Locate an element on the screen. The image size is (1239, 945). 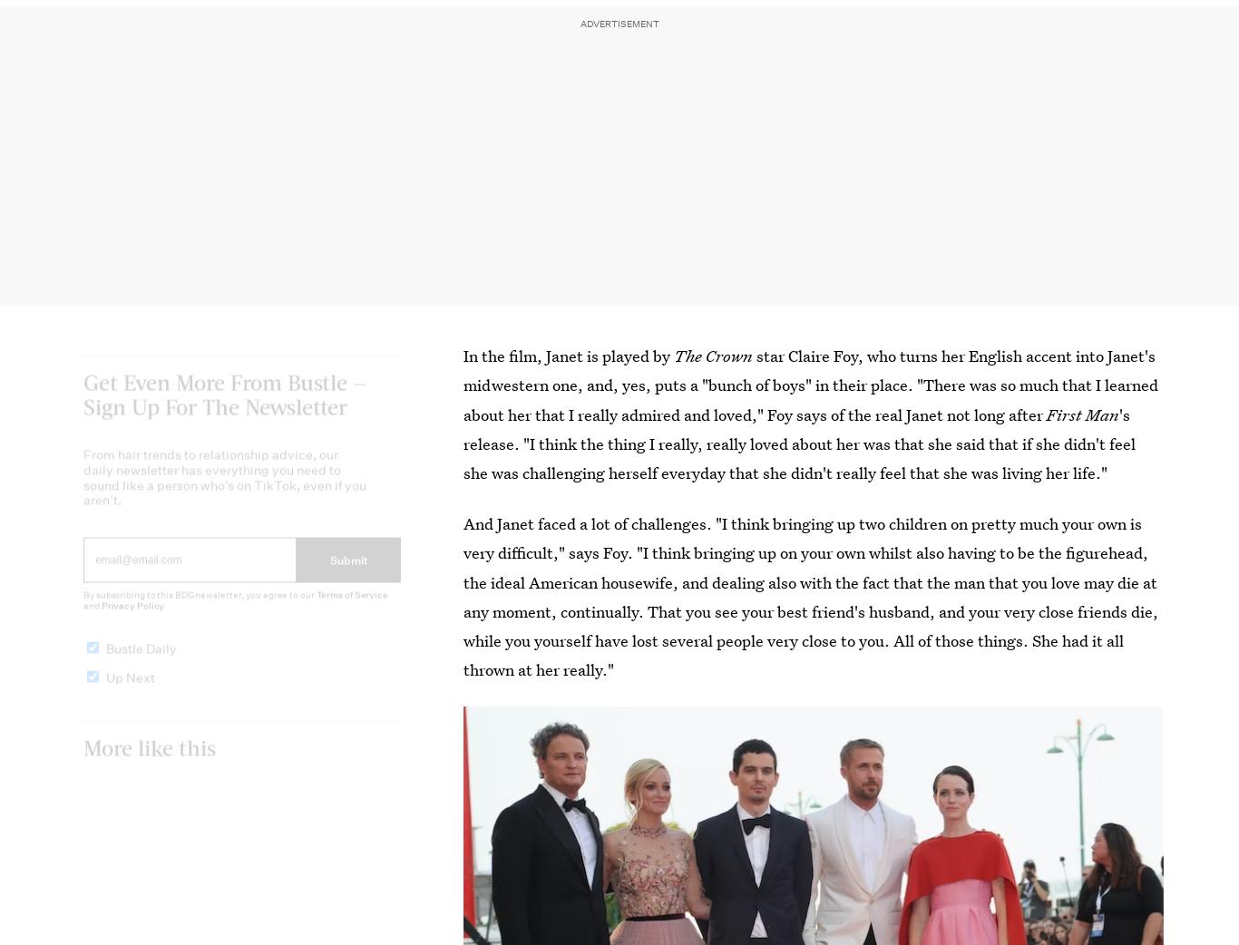
''s release. "I think the thing I really, really loved about her was that she said that if she didn't feel she was challenging herself everyday that she didn't really feel that she was living her life."' is located at coordinates (463, 443).